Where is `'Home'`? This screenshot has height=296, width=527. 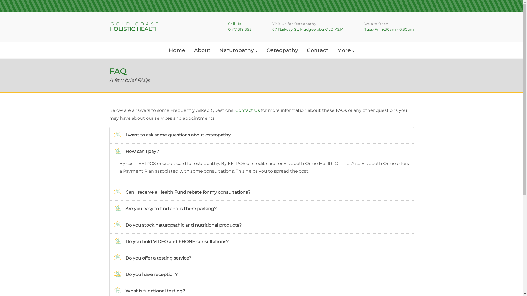
'Home' is located at coordinates (177, 50).